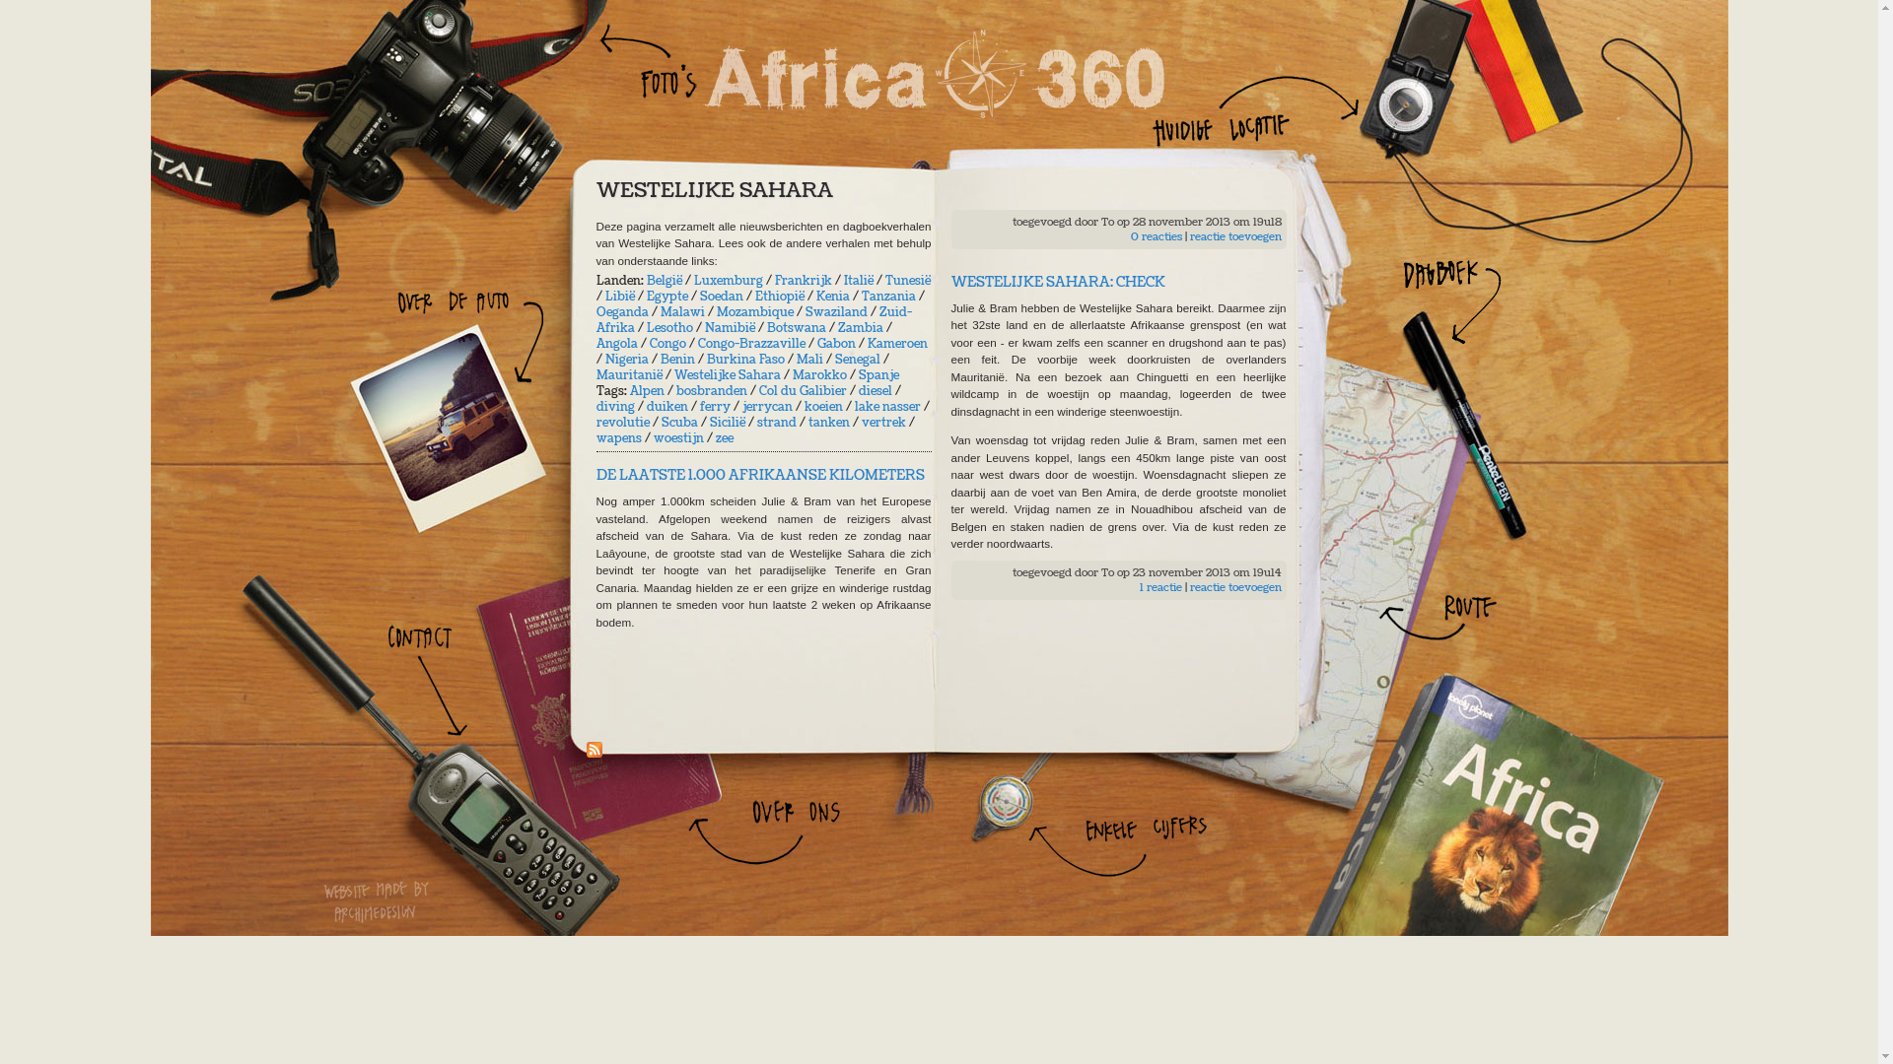  I want to click on 'Gabon', so click(835, 342).